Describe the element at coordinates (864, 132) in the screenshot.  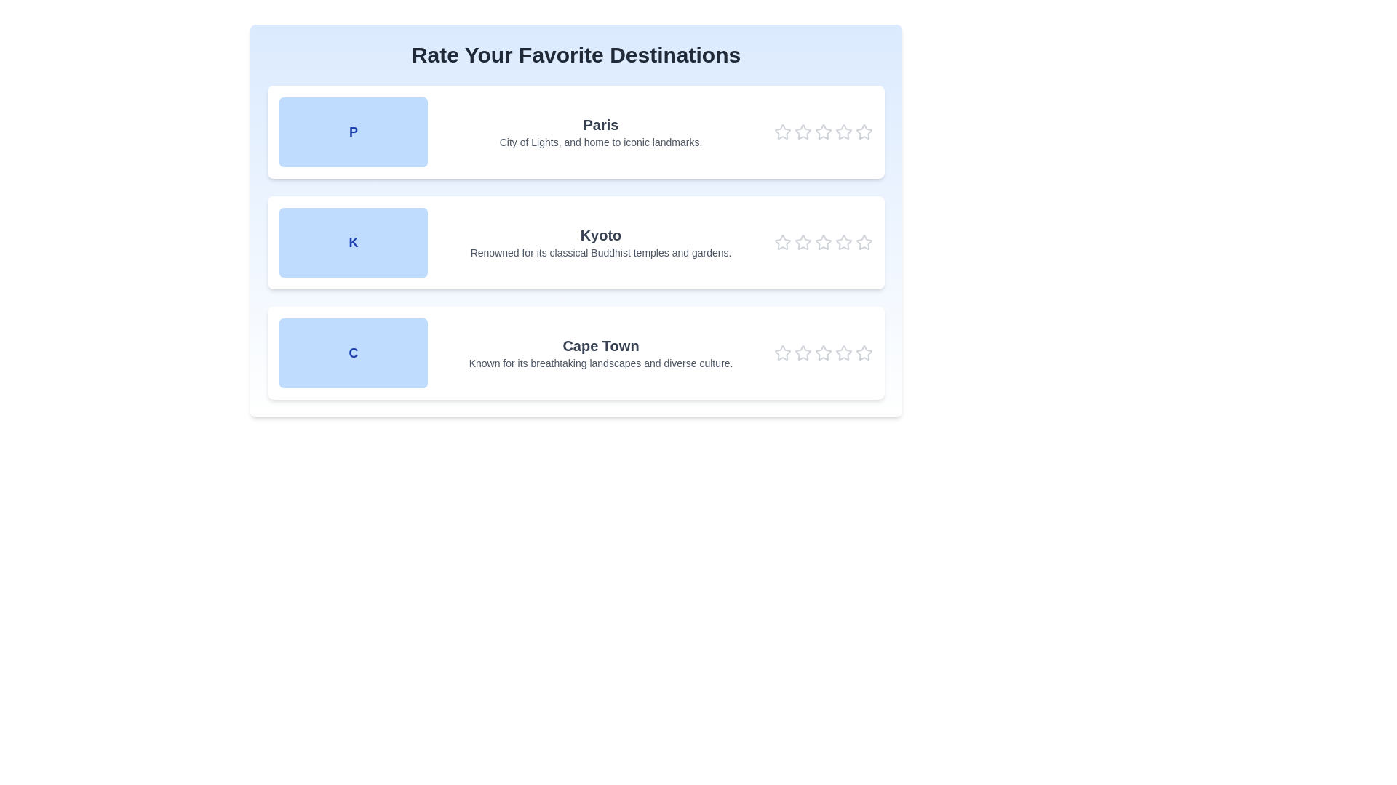
I see `keyboard navigation` at that location.